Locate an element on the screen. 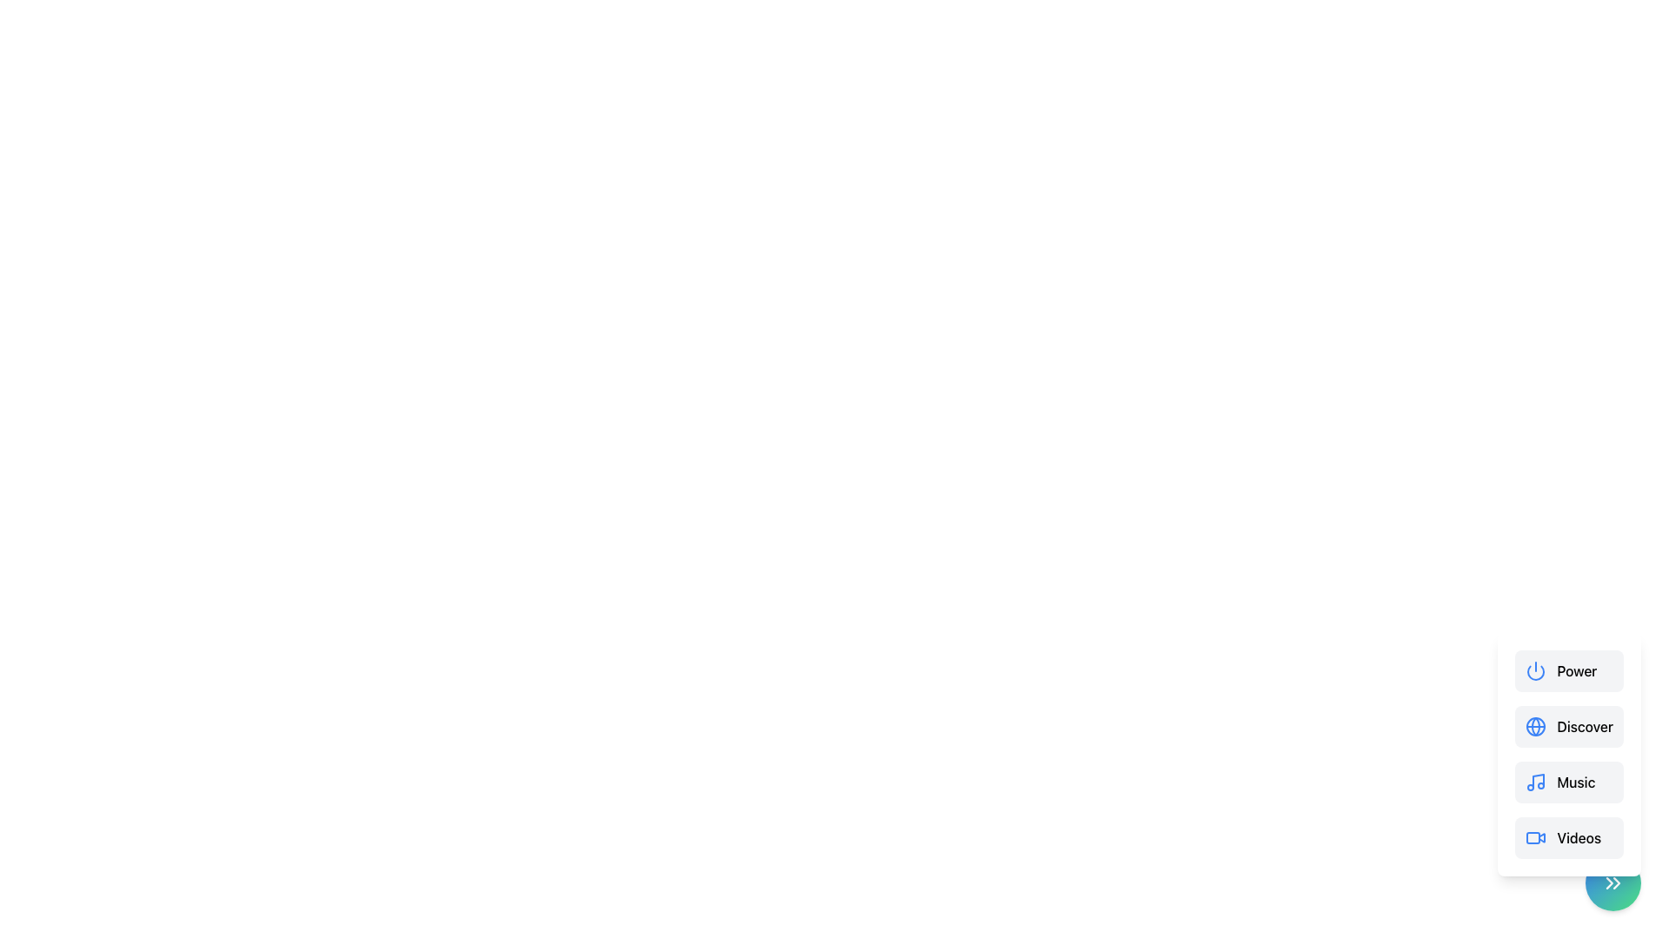 This screenshot has width=1669, height=939. the visual indicator for the 'Videos' menu icon, which is the second component in a vertical stack of four options within a pop-up menu is located at coordinates (1533, 837).